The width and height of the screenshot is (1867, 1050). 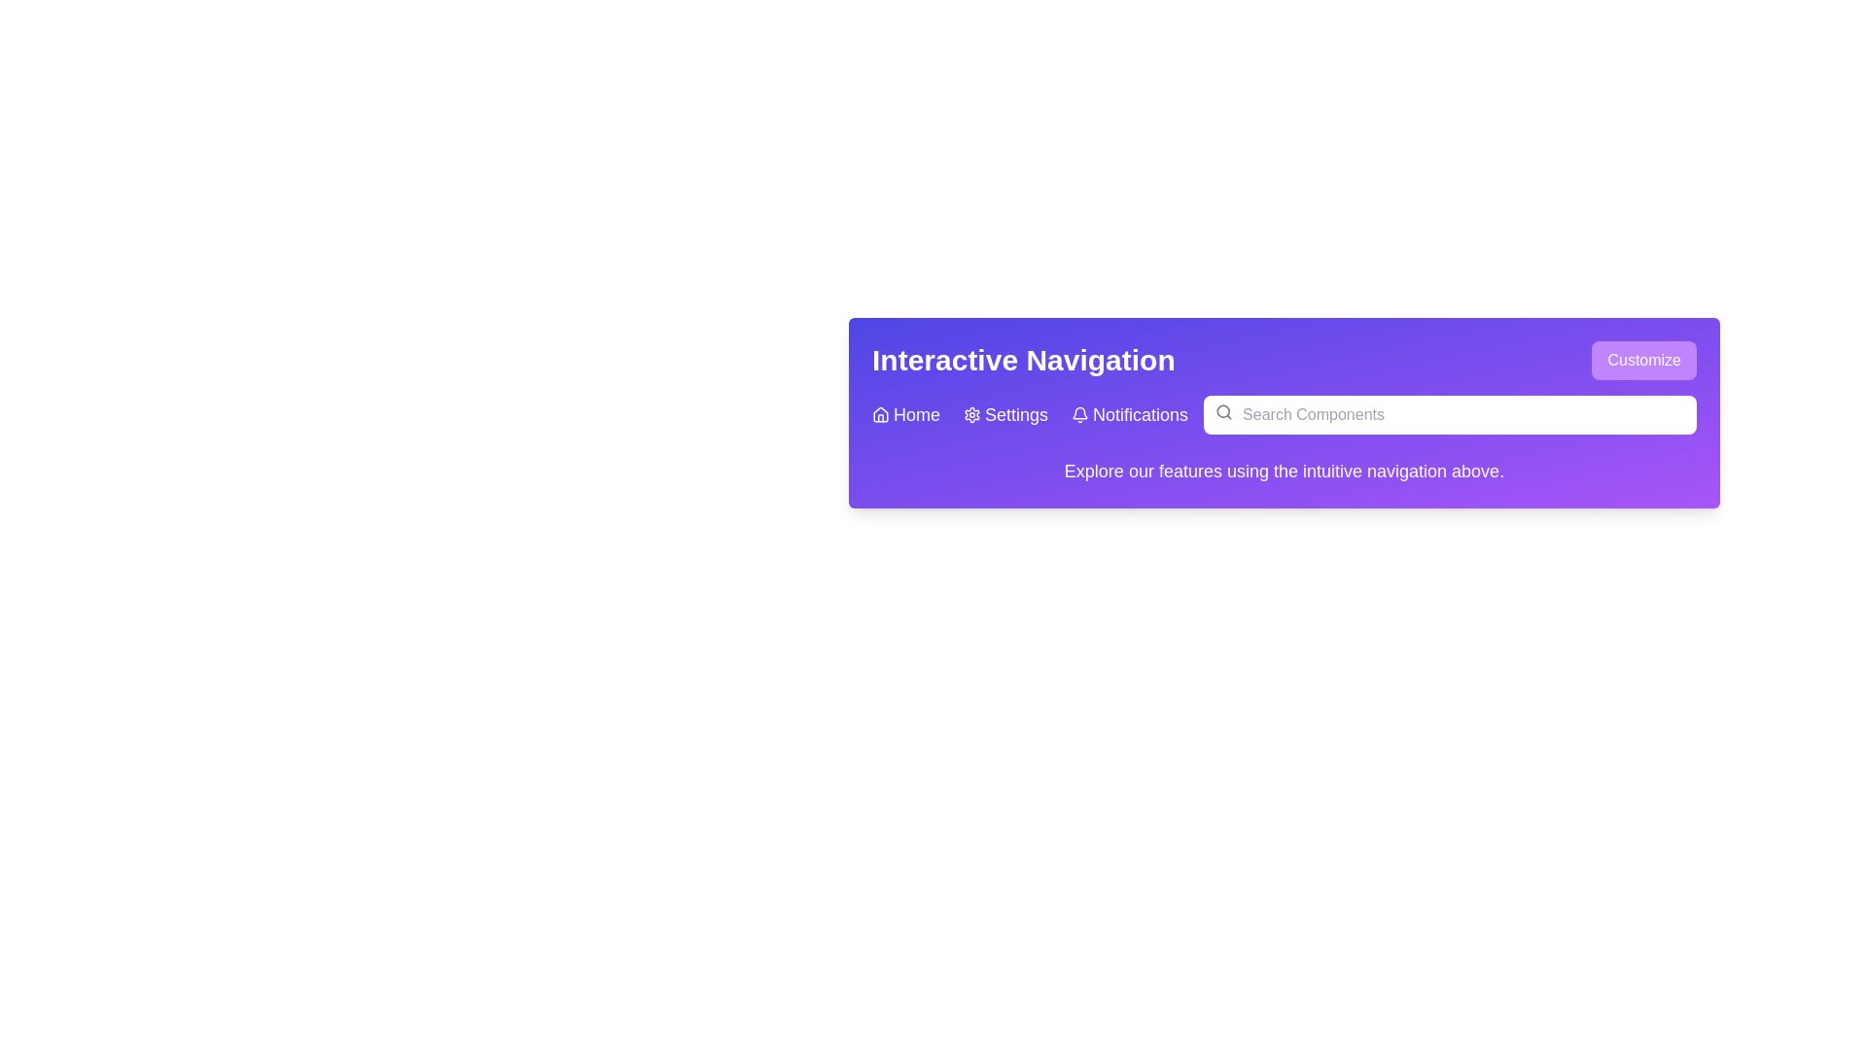 What do you see at coordinates (1642, 360) in the screenshot?
I see `the button located in the top-right corner of the purple banner` at bounding box center [1642, 360].